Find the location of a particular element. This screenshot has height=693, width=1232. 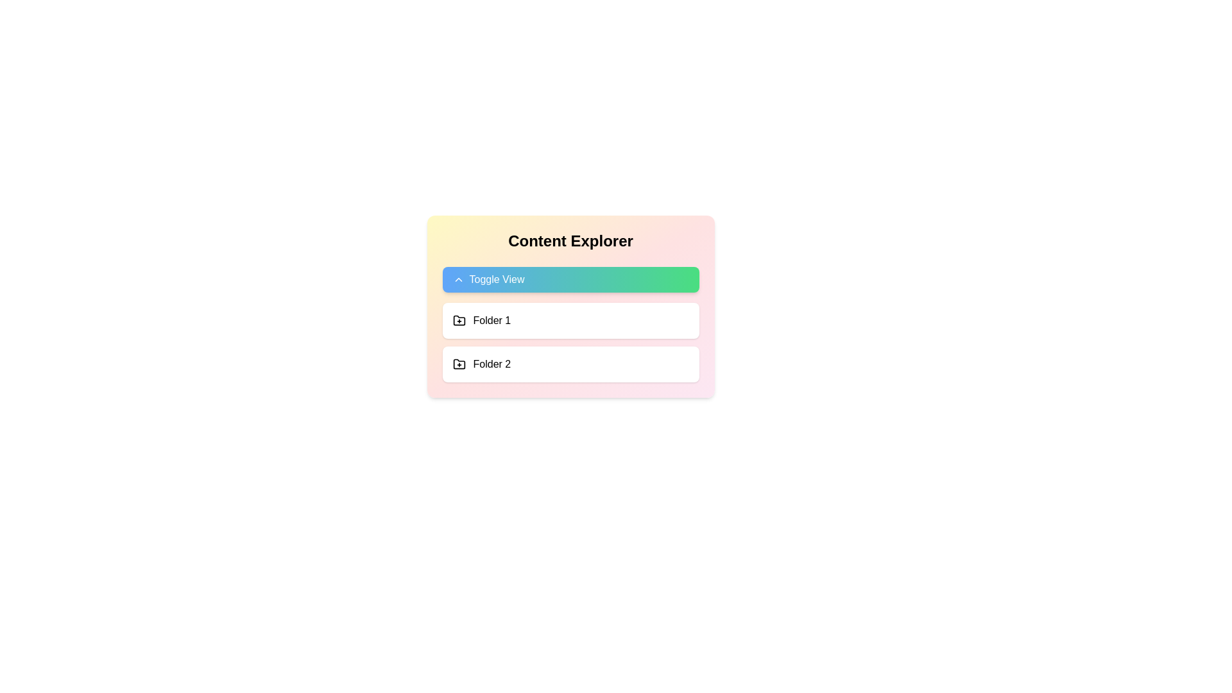

the toggle button located centrally in the 'Content Explorer' card is located at coordinates (570, 278).